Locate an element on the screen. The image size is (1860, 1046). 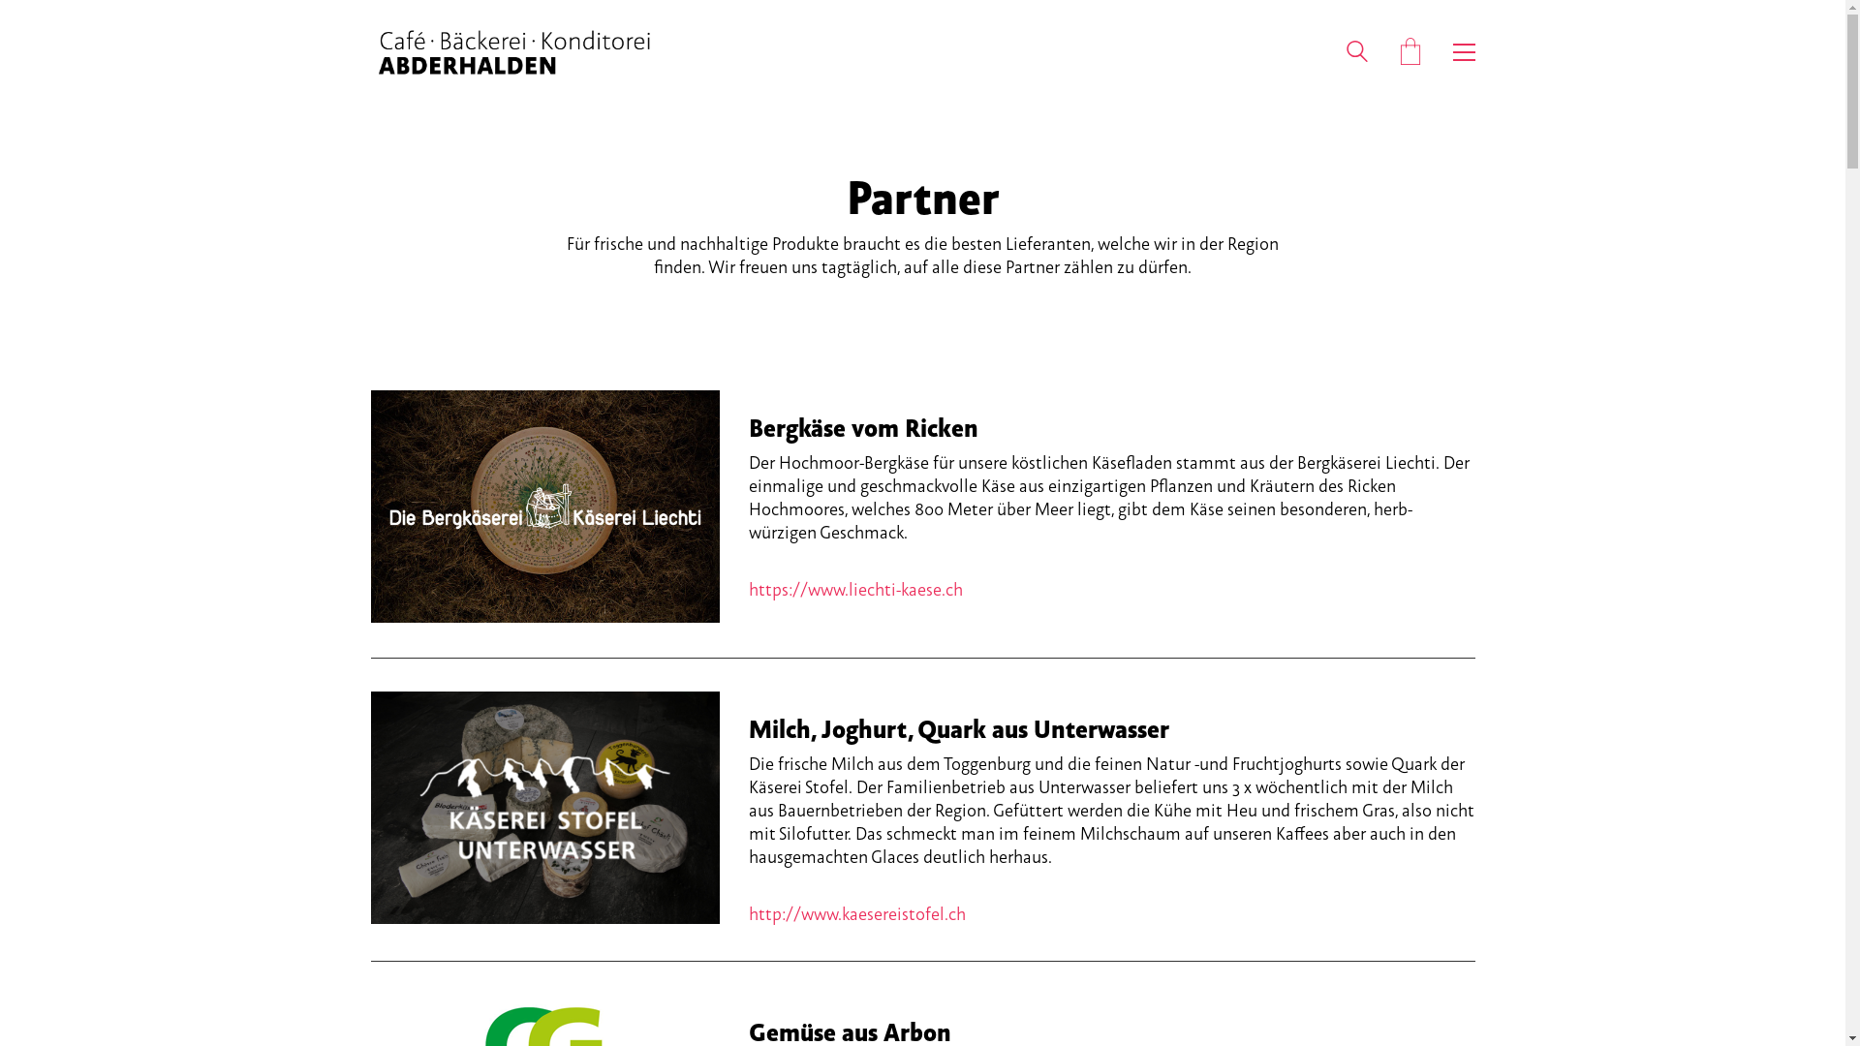
'http://www.kaesereistofel.ch' is located at coordinates (747, 914).